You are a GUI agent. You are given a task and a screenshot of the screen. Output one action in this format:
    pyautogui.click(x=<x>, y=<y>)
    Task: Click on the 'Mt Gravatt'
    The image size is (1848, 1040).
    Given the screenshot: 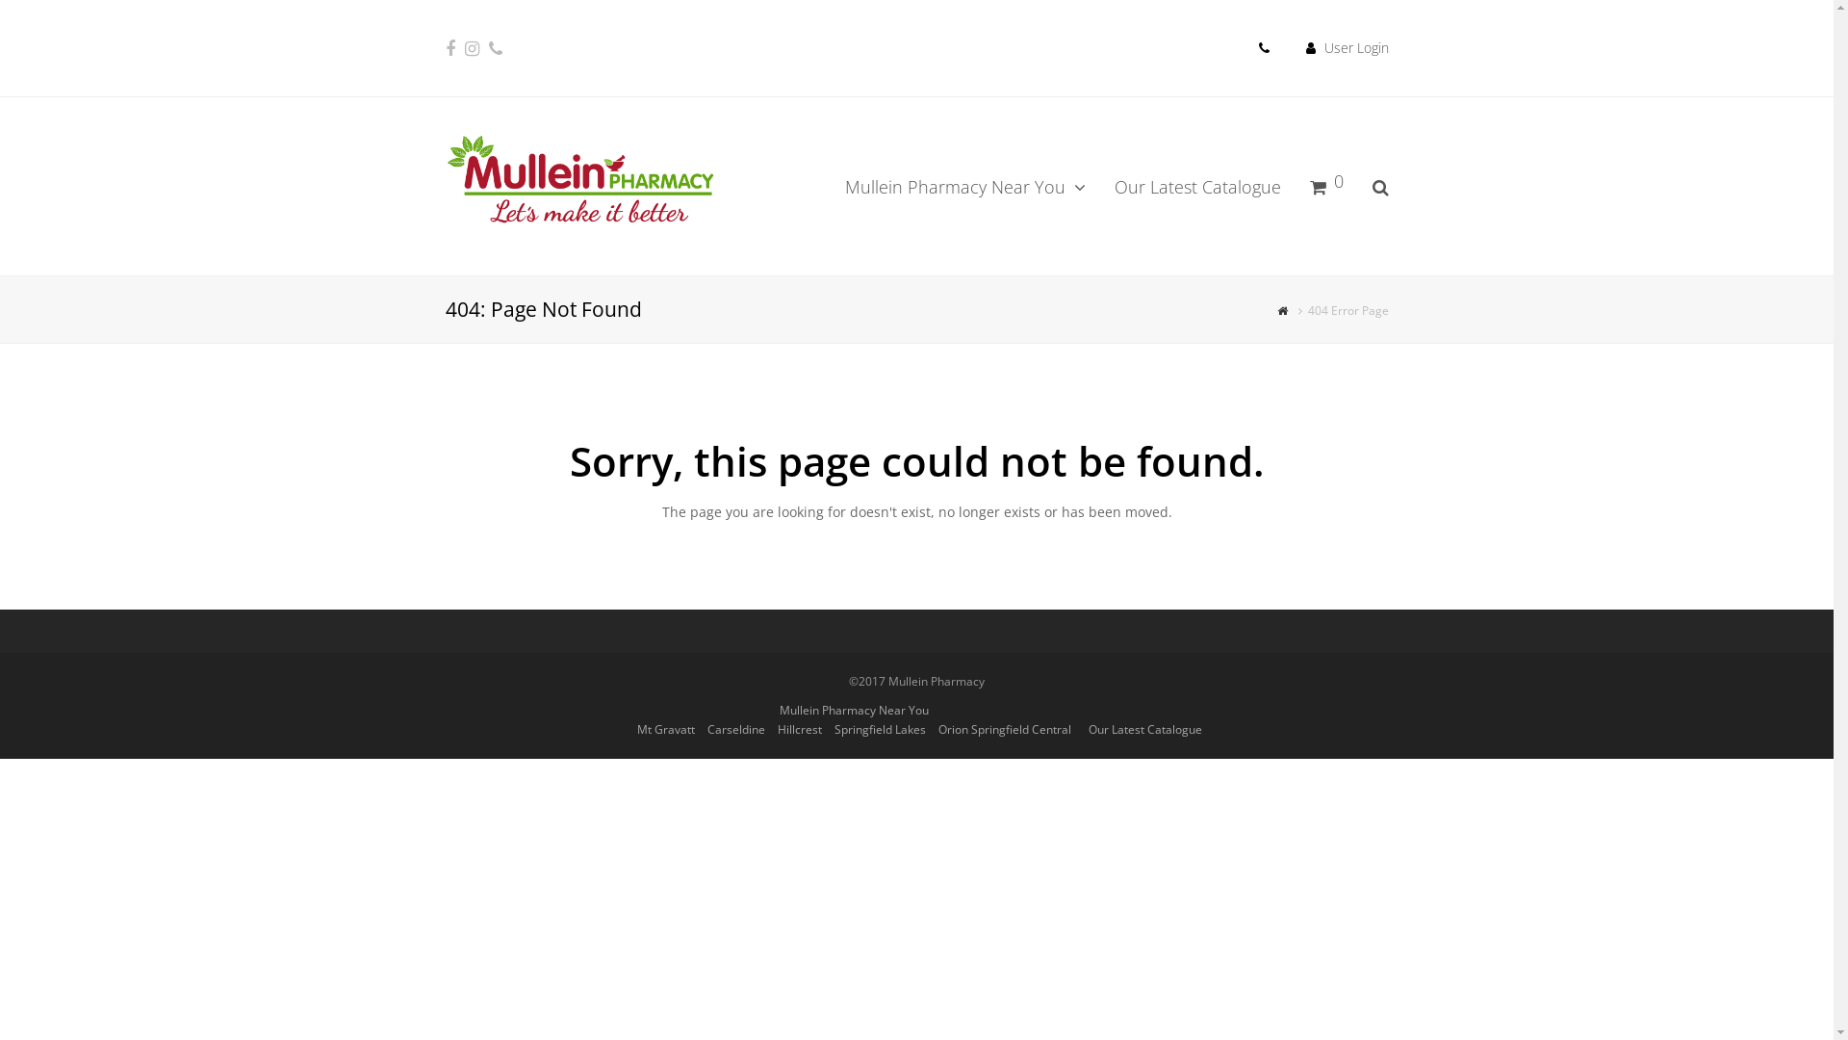 What is the action you would take?
    pyautogui.click(x=665, y=729)
    